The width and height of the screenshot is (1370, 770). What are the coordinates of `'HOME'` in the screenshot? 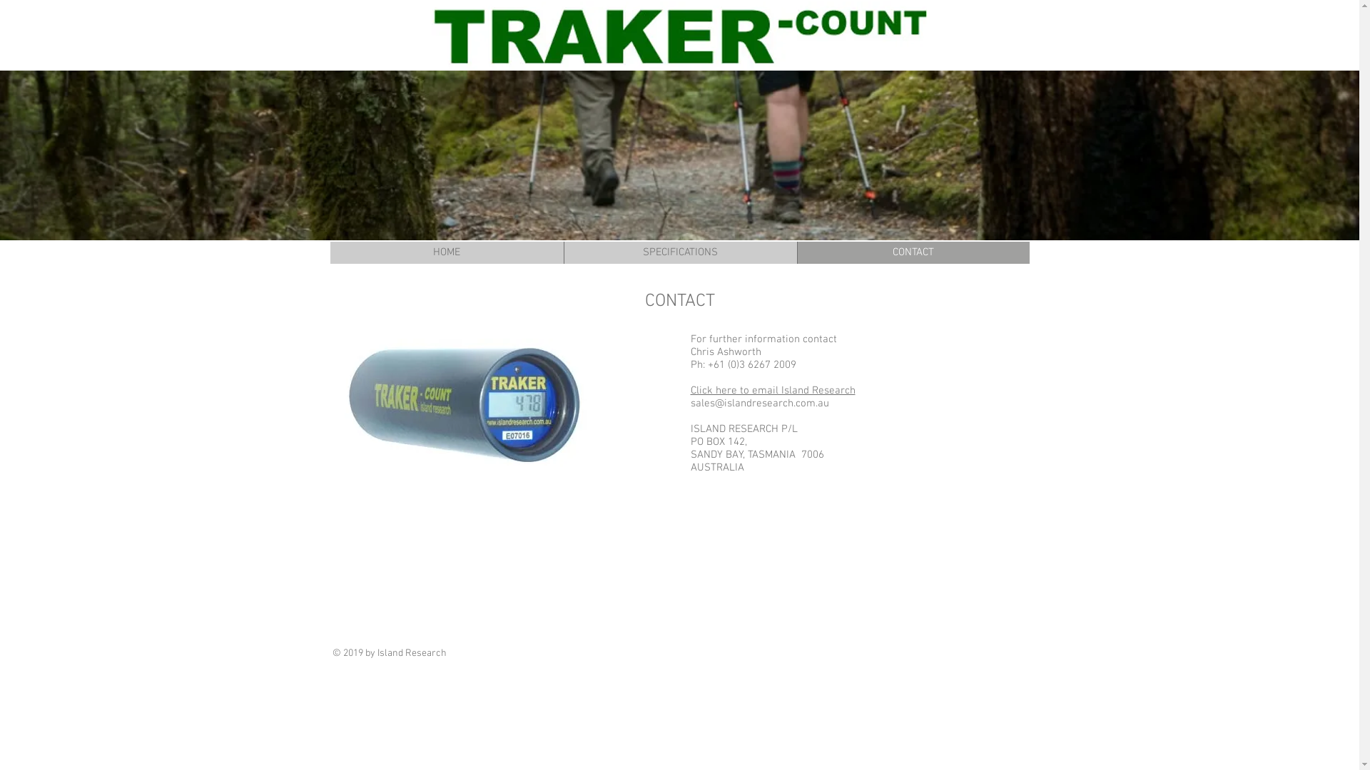 It's located at (328, 252).